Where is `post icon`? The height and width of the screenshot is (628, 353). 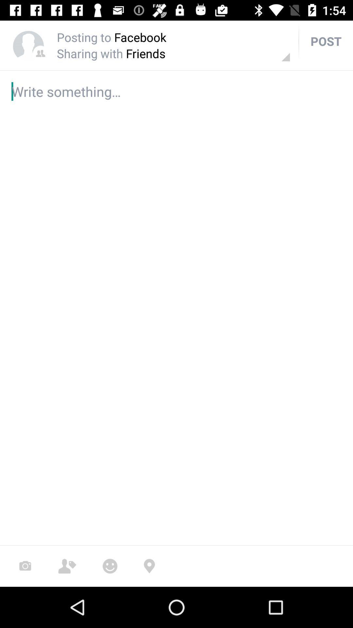
post icon is located at coordinates (326, 41).